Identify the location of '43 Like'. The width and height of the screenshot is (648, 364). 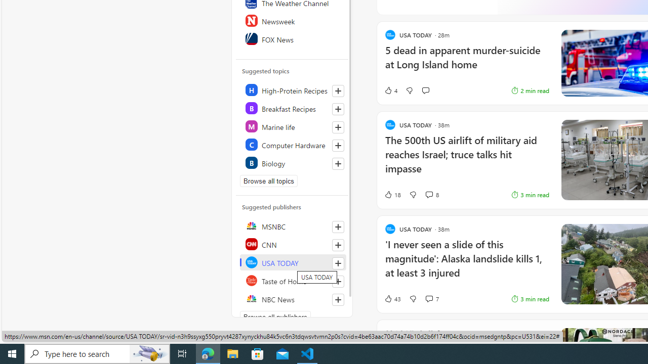
(392, 298).